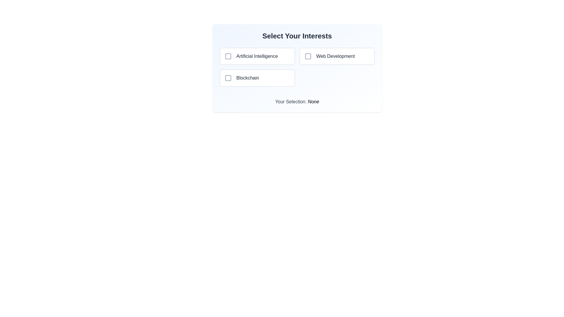 The width and height of the screenshot is (564, 317). What do you see at coordinates (308, 56) in the screenshot?
I see `the minimalistic square-shaped checkbox located to the left of the 'Web Development' label` at bounding box center [308, 56].